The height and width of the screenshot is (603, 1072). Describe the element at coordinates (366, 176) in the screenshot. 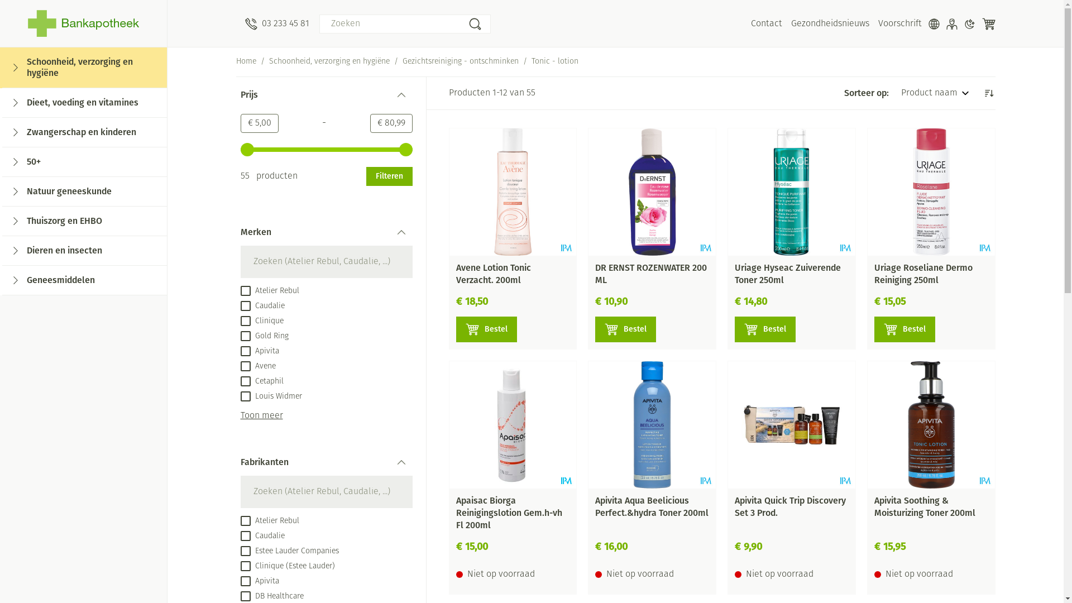

I see `'Filteren'` at that location.